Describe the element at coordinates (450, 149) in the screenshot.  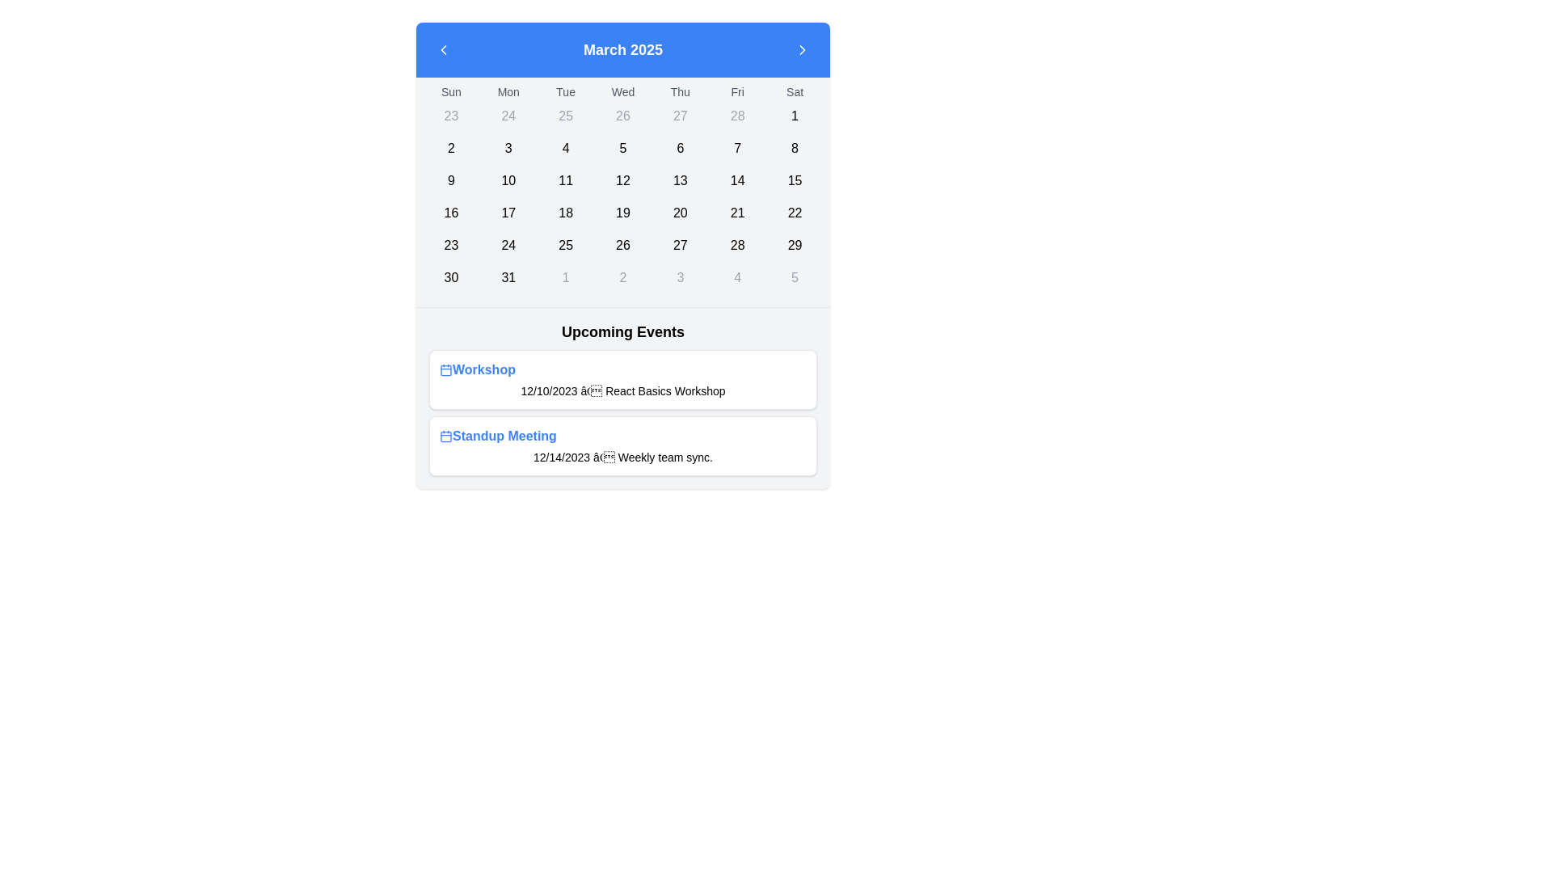
I see `the button displaying the number '2', which is styled with rounded corners and centered text, located in the second cell of the second row of a calendar grid below the header 'Sun'` at that location.